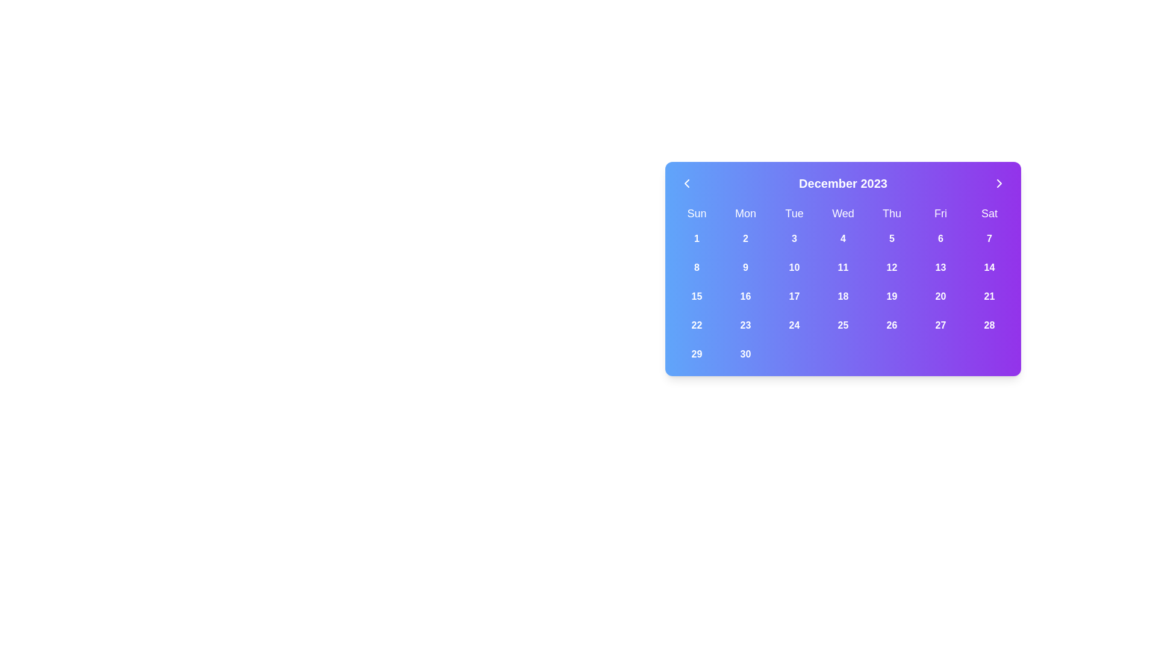 The width and height of the screenshot is (1156, 650). Describe the element at coordinates (687, 183) in the screenshot. I see `the circular button with a left arrow icon in the month navigation header of the calendar interface to change its background color` at that location.